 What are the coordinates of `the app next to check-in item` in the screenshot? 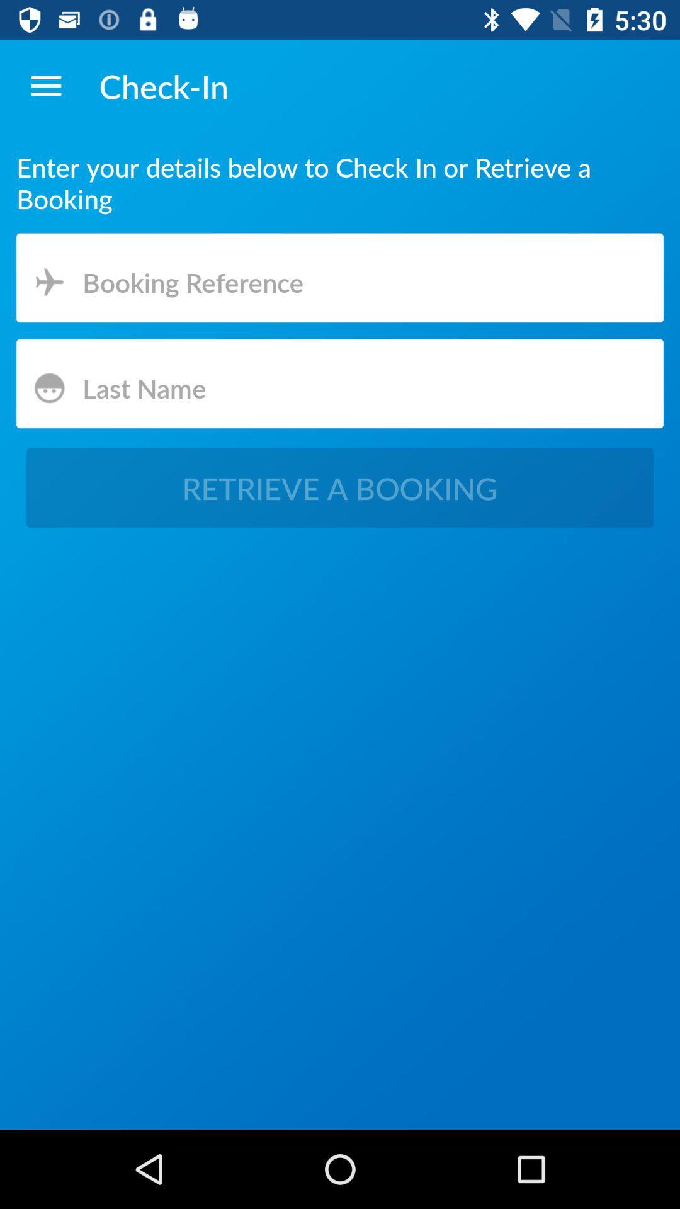 It's located at (45, 85).